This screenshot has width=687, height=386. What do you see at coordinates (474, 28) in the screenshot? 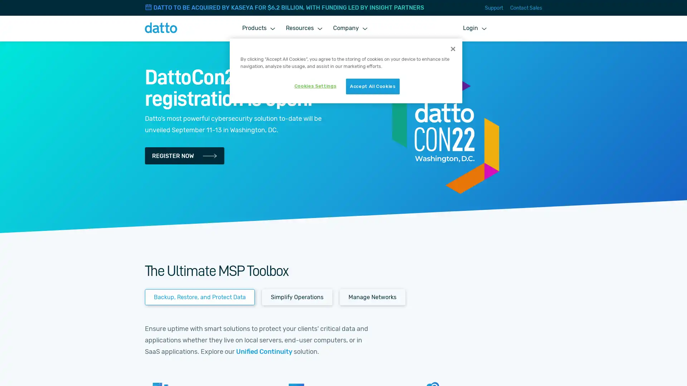
I see `Login` at bounding box center [474, 28].